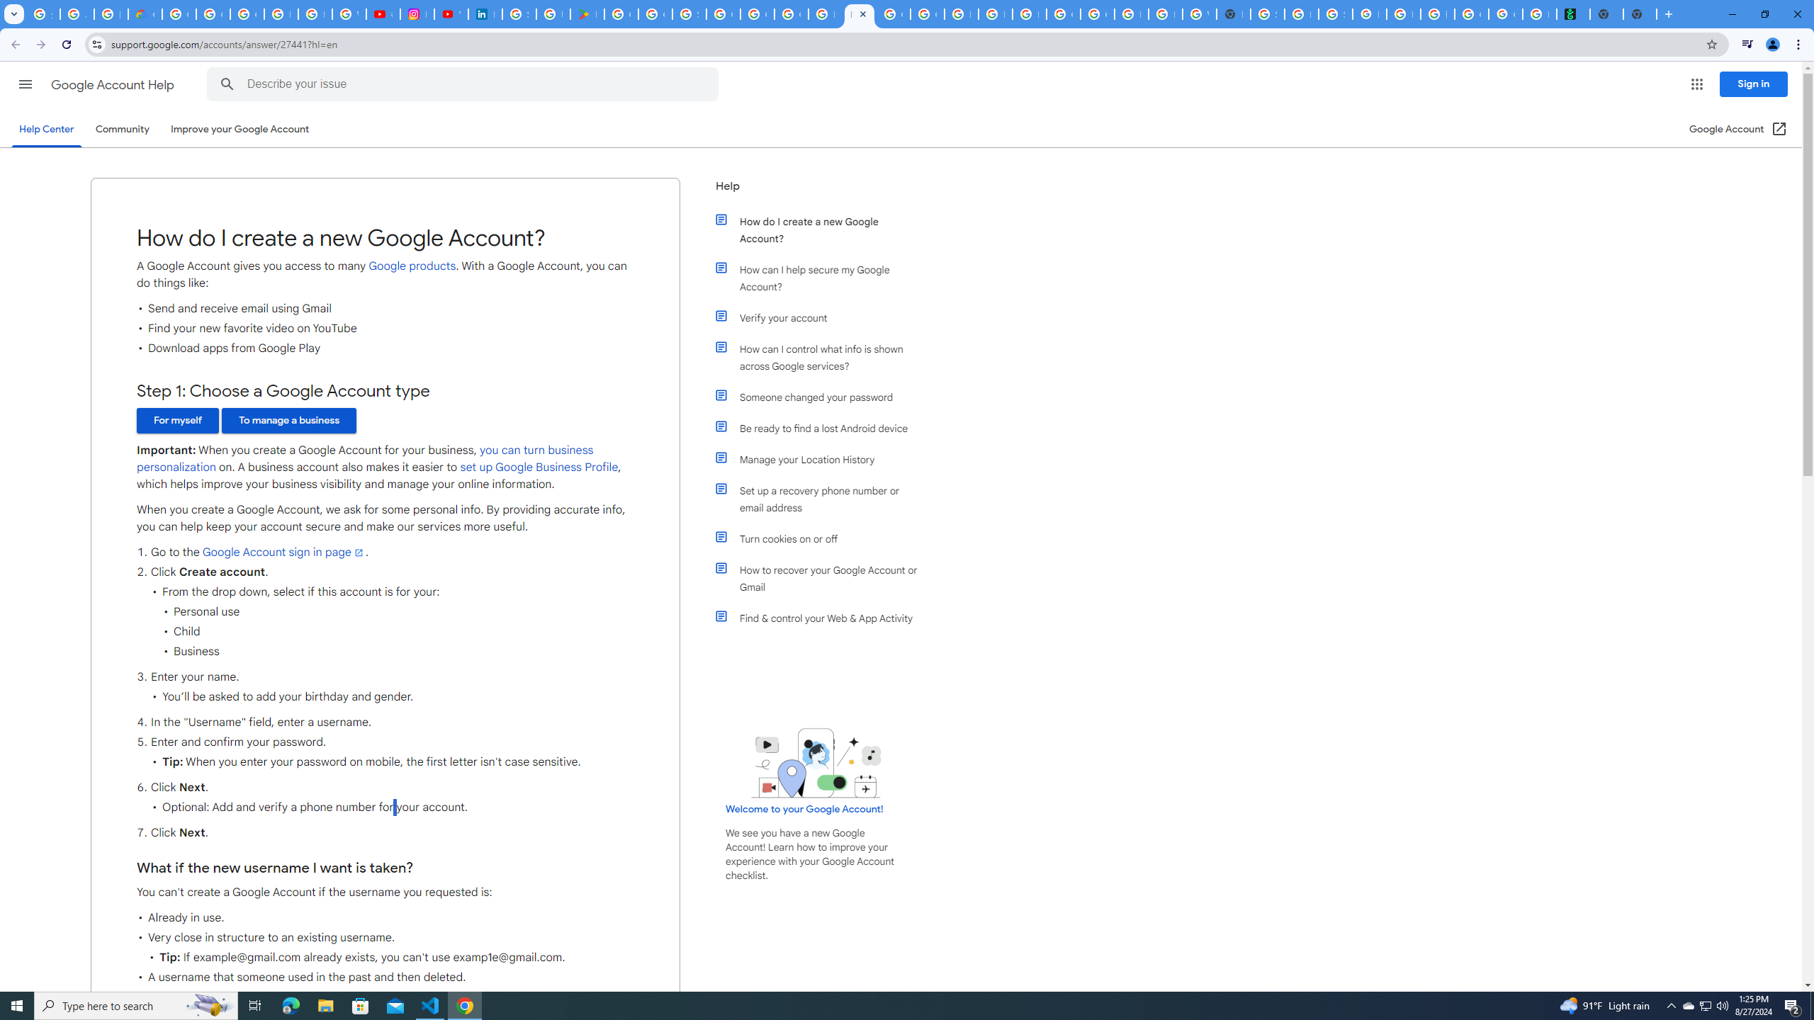 The width and height of the screenshot is (1814, 1020). Describe the element at coordinates (859, 13) in the screenshot. I see `'How do I create a new Google Account? - Google Account Help'` at that location.